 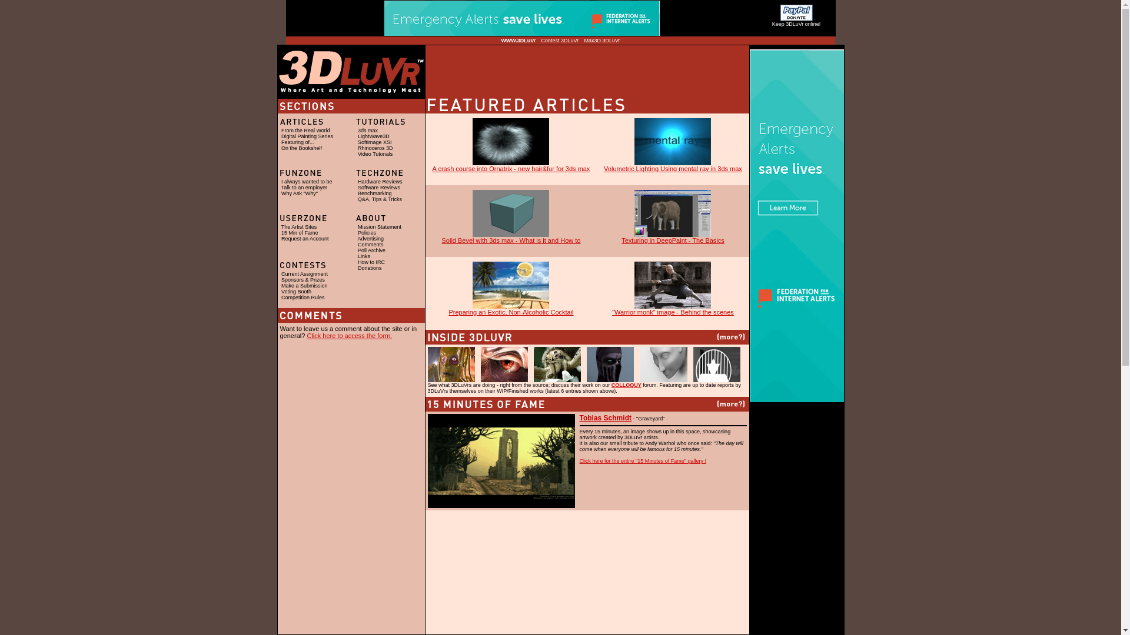 What do you see at coordinates (307, 181) in the screenshot?
I see `'I always wanted to be'` at bounding box center [307, 181].